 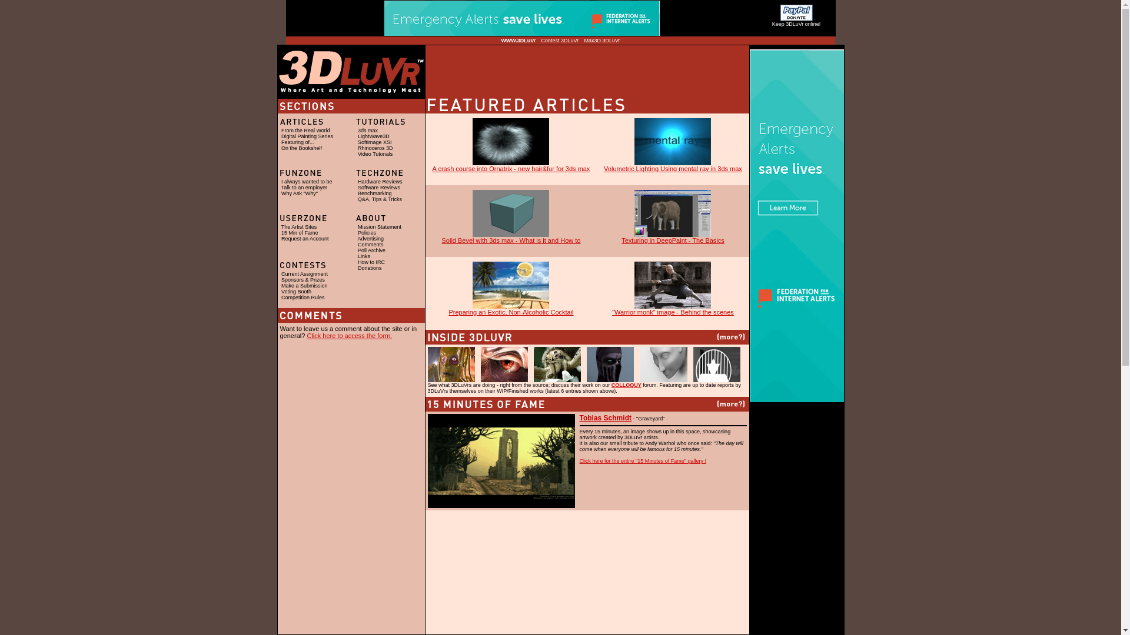 What do you see at coordinates (307, 181) in the screenshot?
I see `'I always wanted to be'` at bounding box center [307, 181].